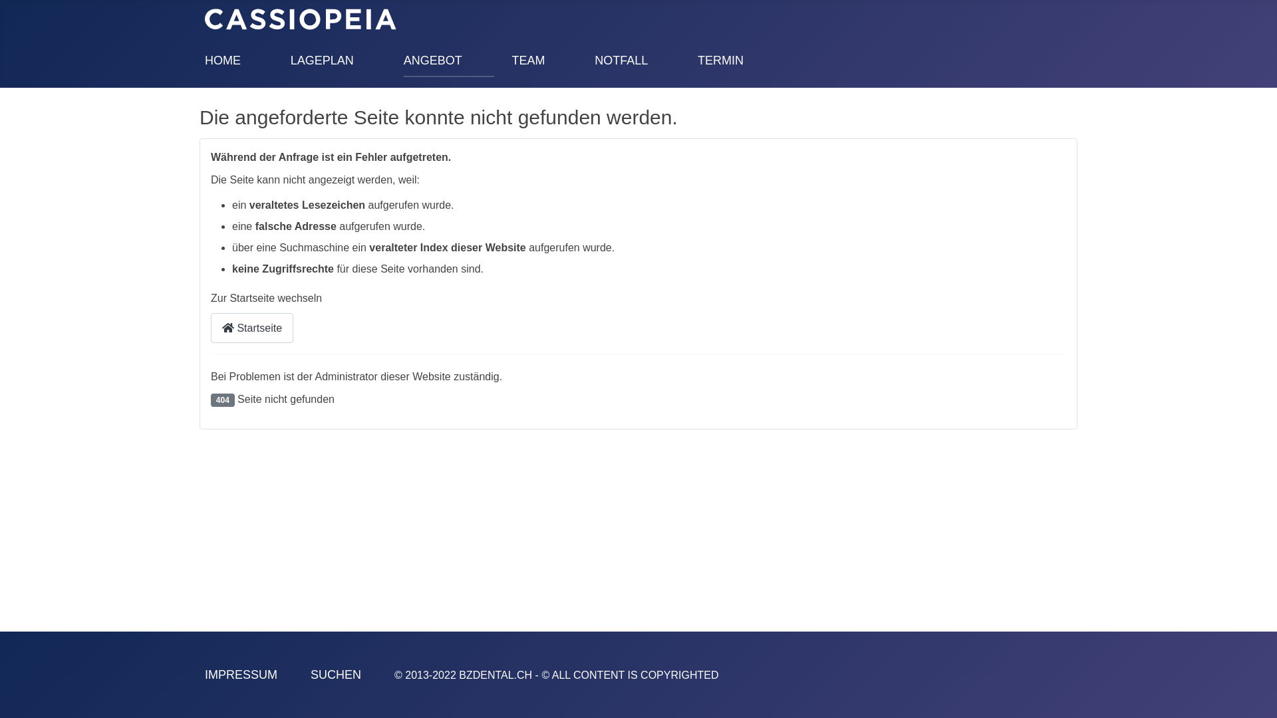  Describe the element at coordinates (697, 60) in the screenshot. I see `'TERMIN'` at that location.